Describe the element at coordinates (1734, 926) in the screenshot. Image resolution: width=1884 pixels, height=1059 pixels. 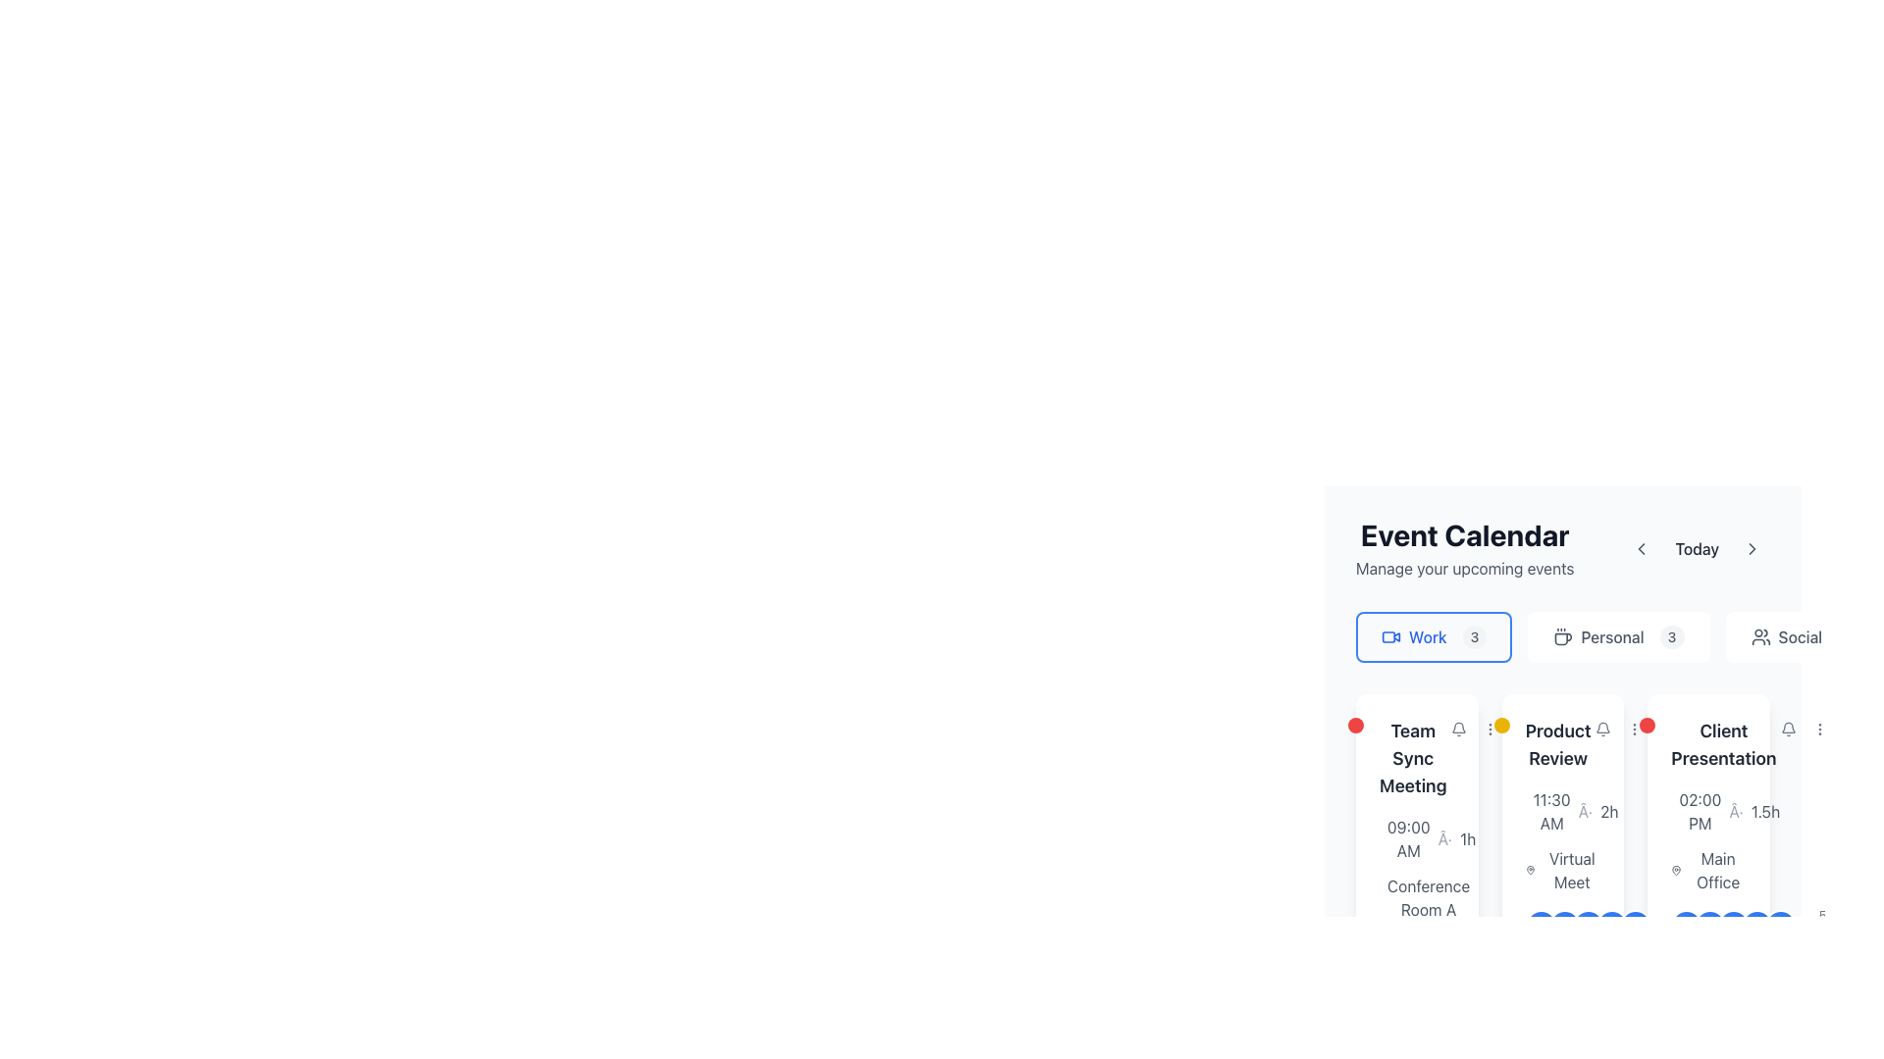
I see `the third circular button from the left within the group located at the bottom of the 'Client Presentation' card in the 'Event Calendar' section` at that location.